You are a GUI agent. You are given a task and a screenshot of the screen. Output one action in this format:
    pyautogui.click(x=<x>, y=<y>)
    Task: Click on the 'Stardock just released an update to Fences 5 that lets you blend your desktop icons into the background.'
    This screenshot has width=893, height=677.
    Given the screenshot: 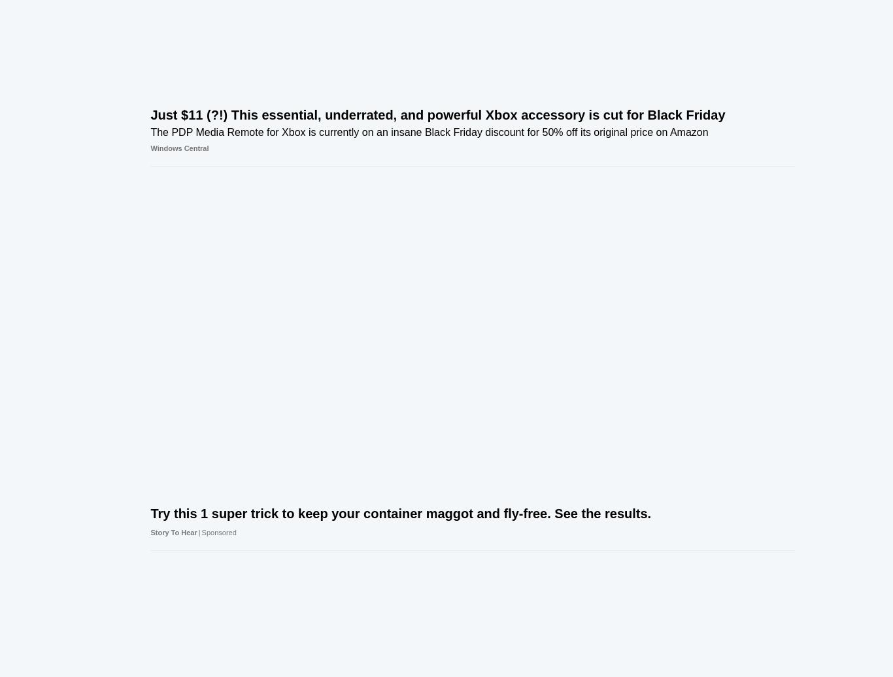 What is the action you would take?
    pyautogui.click(x=363, y=134)
    